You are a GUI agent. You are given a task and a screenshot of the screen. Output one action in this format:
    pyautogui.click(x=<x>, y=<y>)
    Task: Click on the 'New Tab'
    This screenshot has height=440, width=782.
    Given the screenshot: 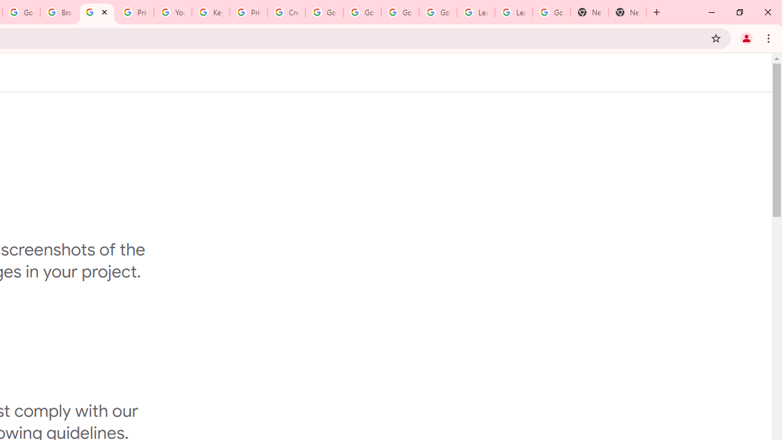 What is the action you would take?
    pyautogui.click(x=590, y=12)
    